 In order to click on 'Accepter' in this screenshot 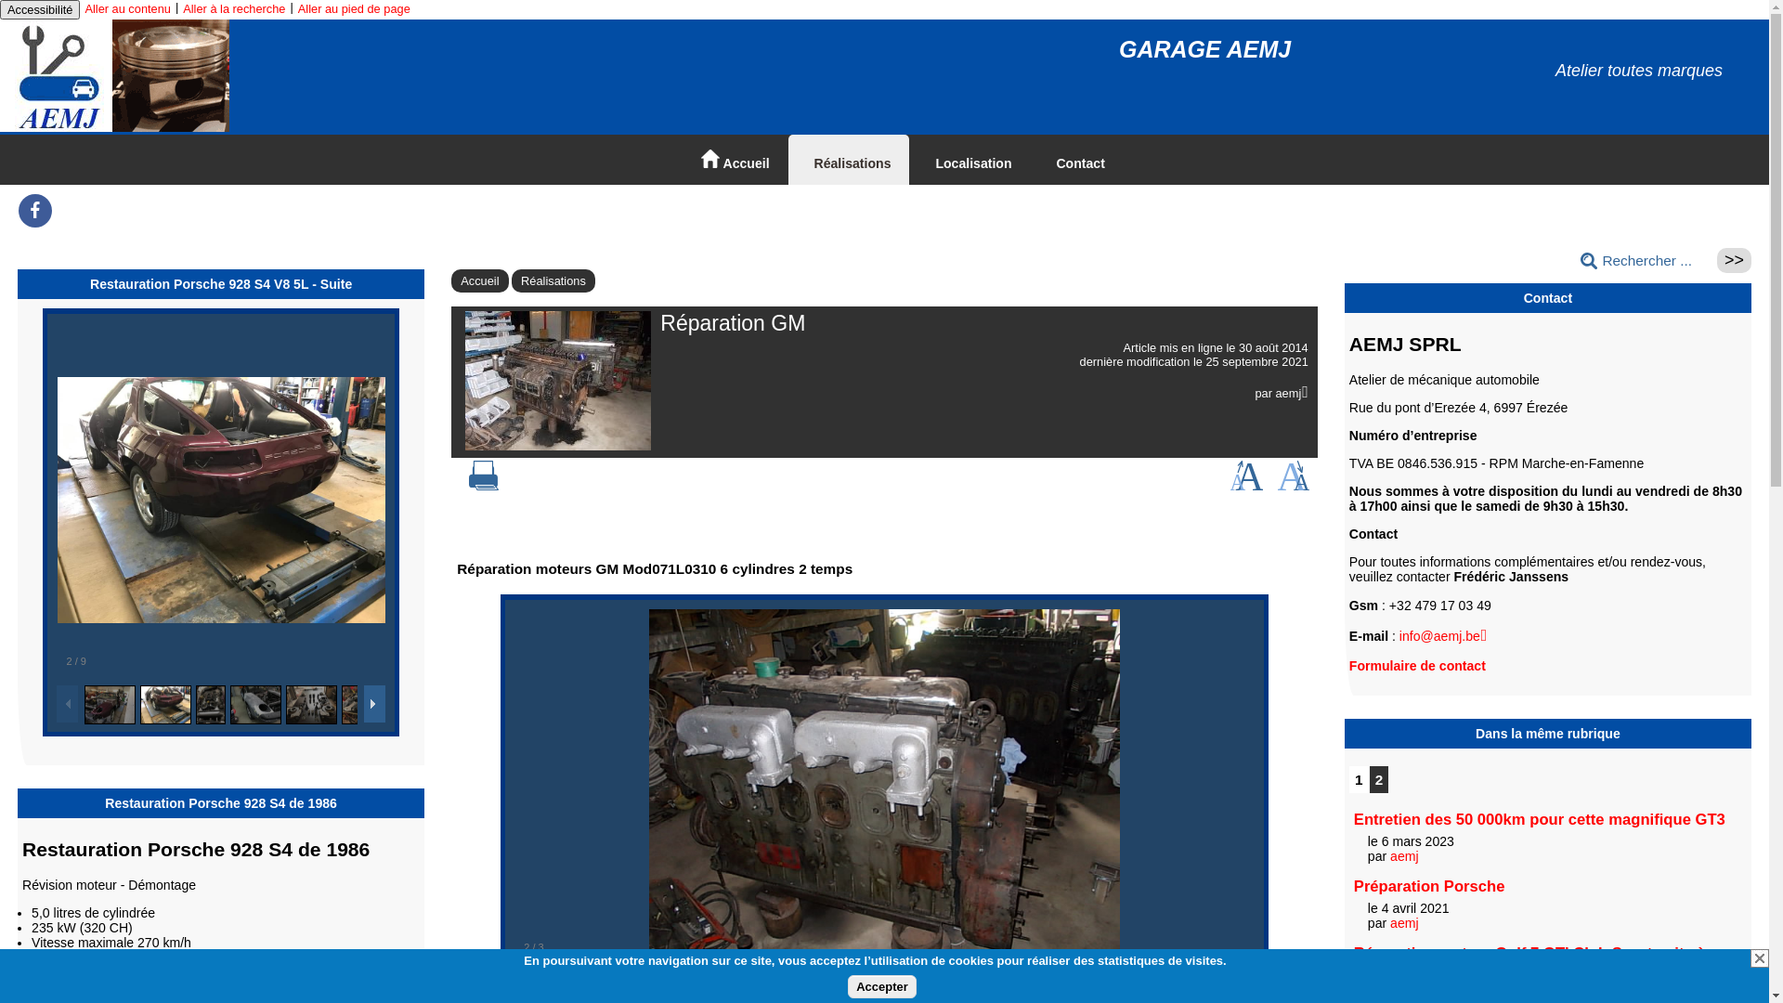, I will do `click(881, 985)`.